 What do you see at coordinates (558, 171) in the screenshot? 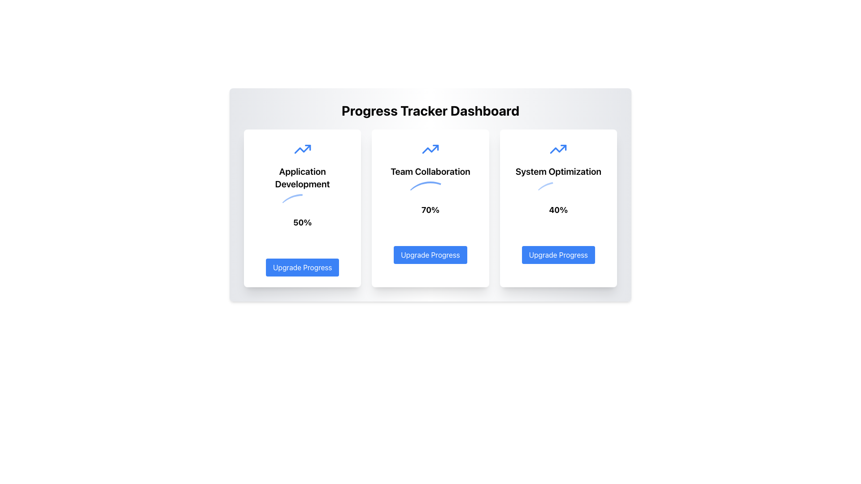
I see `the text label displaying 'System Optimization', which is centrally positioned in the rightmost card under a blue arrow icon` at bounding box center [558, 171].